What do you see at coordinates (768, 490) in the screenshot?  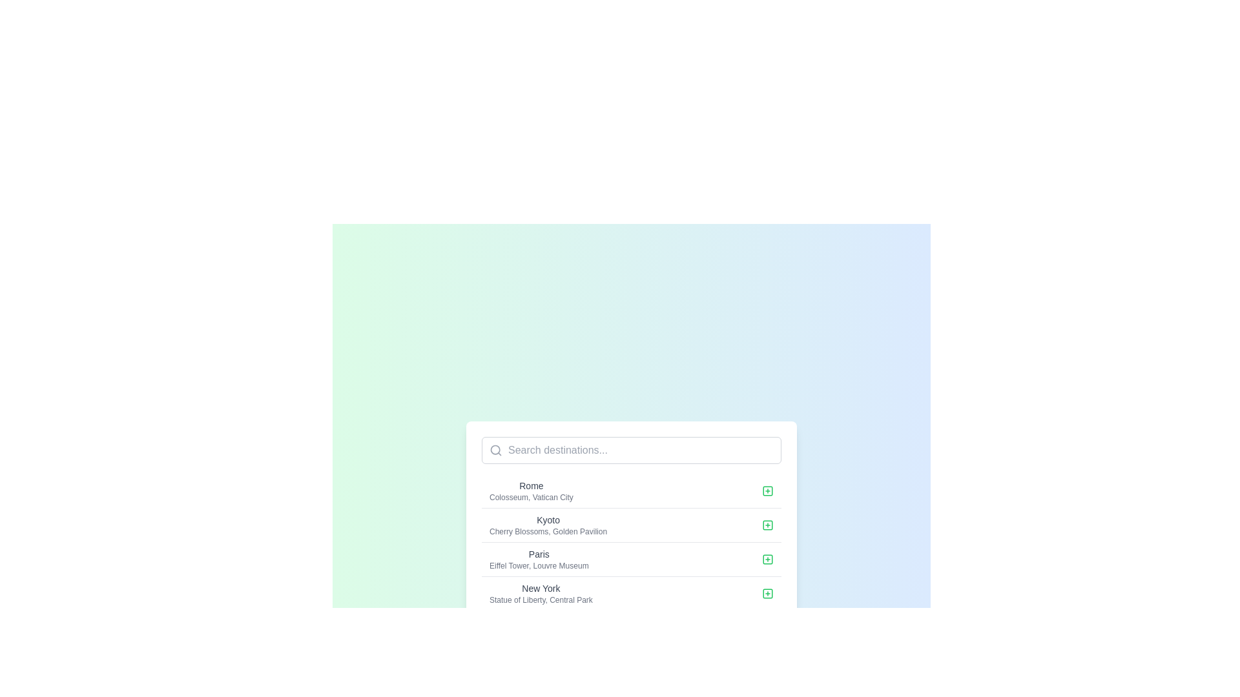 I see `the icon within the 'Add' button for the row labeled 'Rome' to observe any hover effects` at bounding box center [768, 490].